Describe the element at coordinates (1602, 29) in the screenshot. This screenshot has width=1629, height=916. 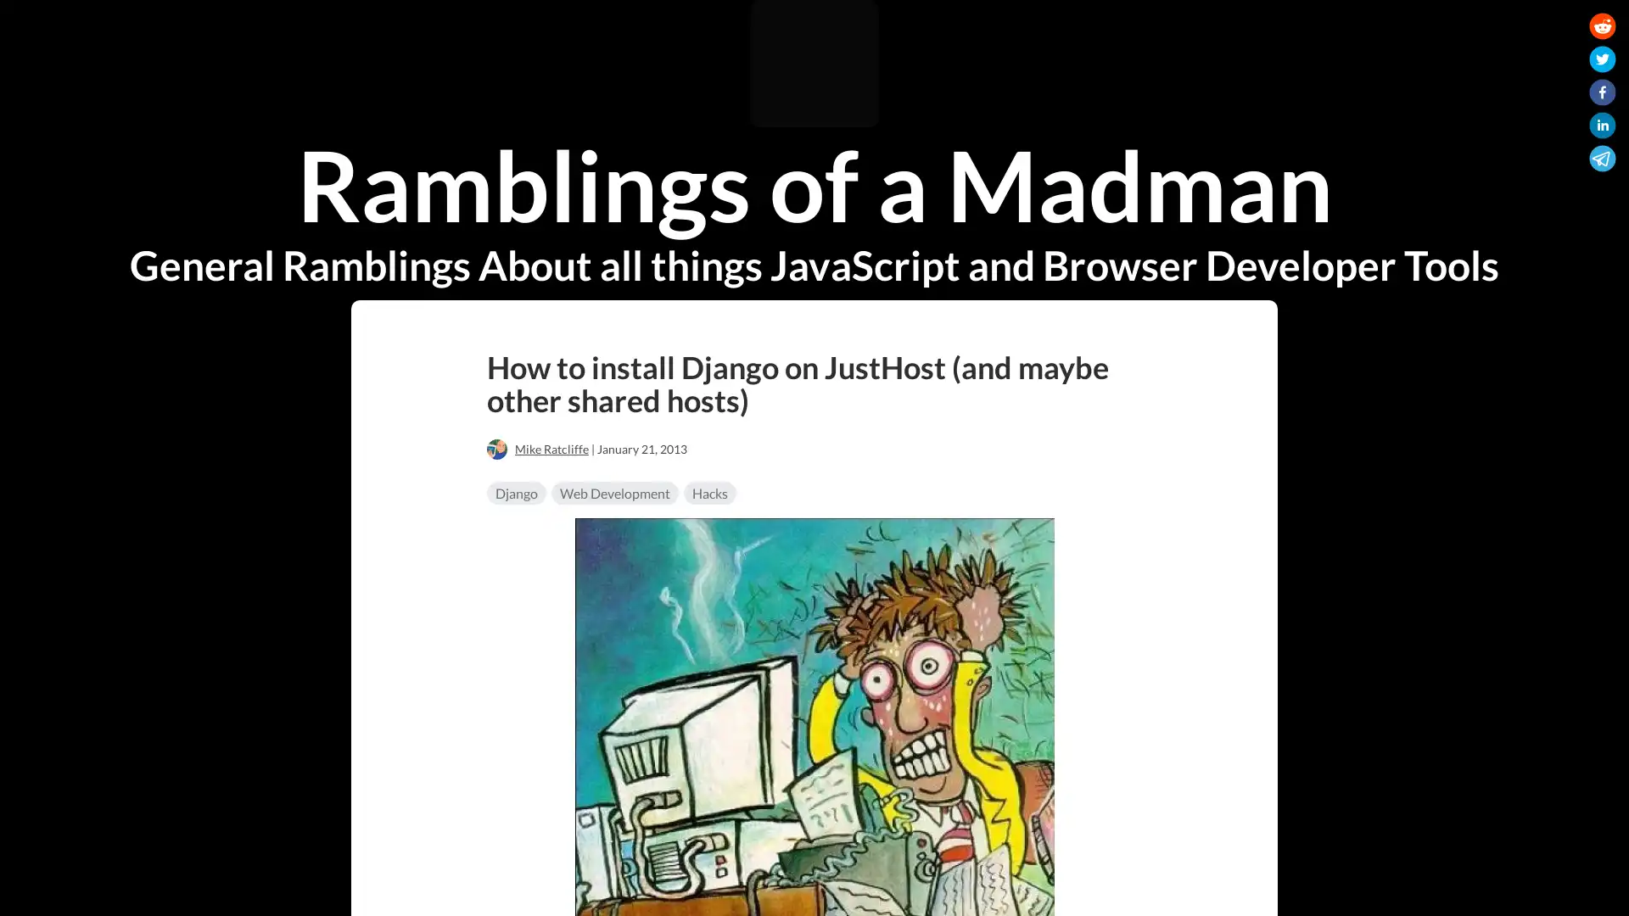
I see `reddit` at that location.